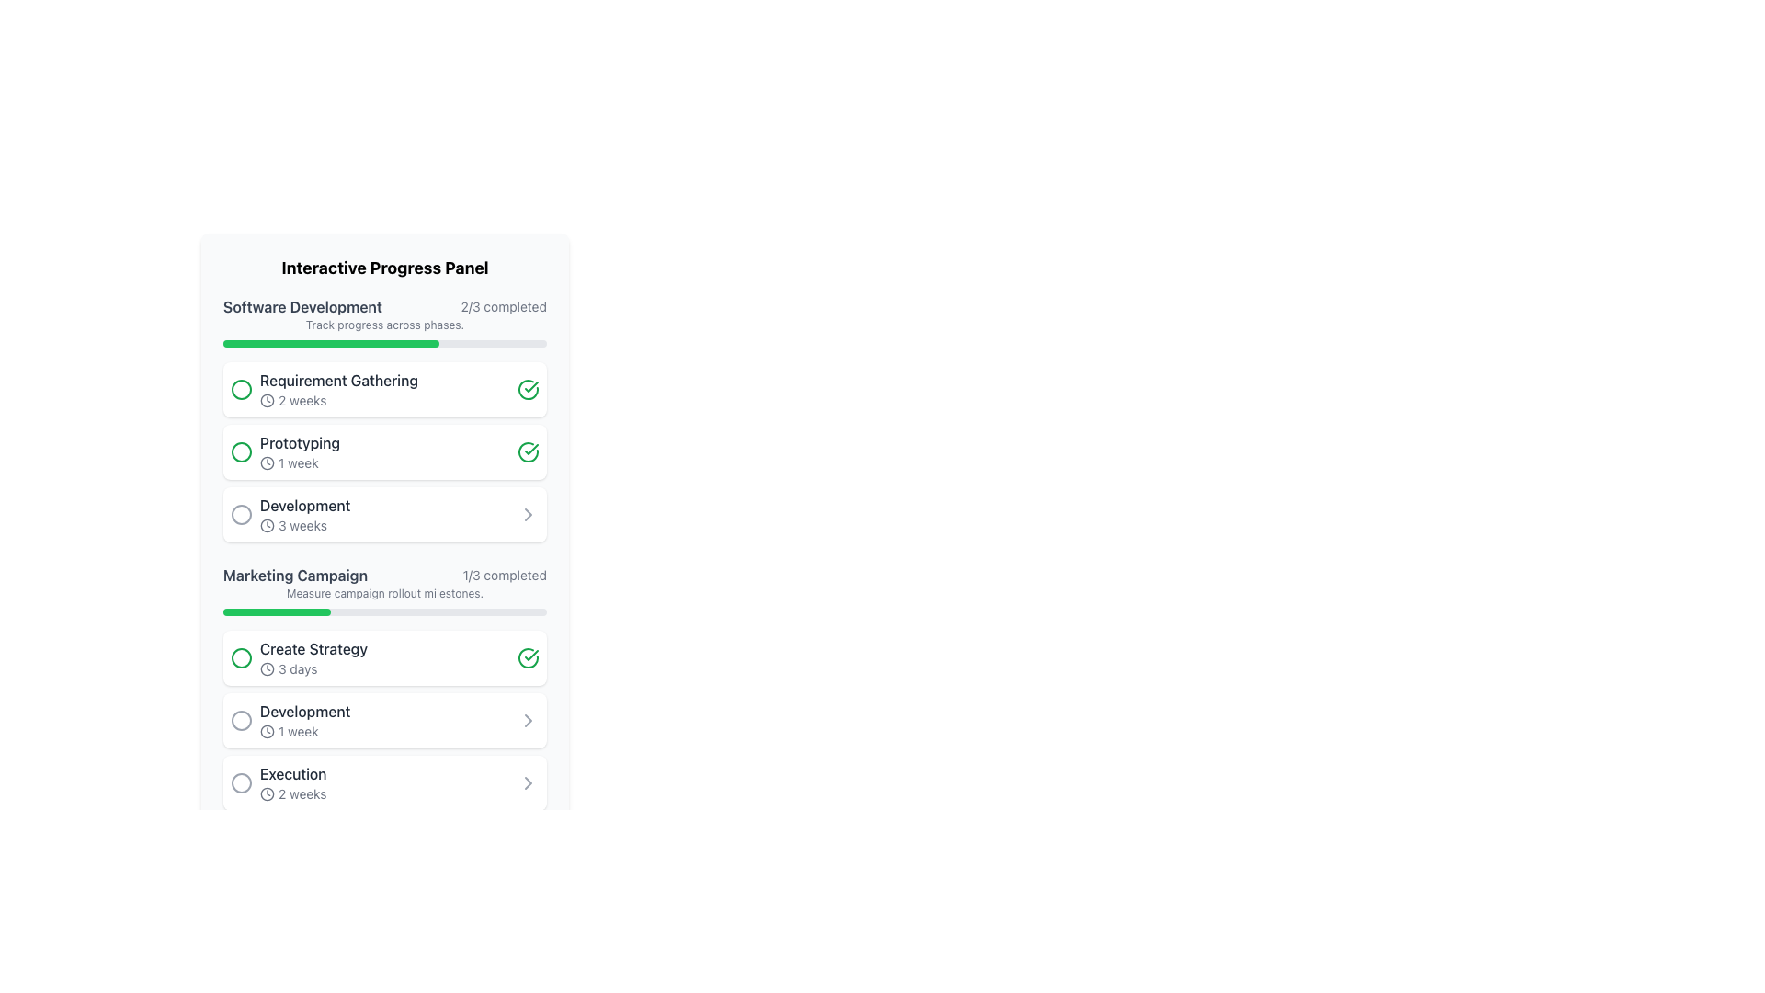 The width and height of the screenshot is (1765, 993). I want to click on the 'Development' task label in the Software Development section of the progress panel, so click(305, 506).